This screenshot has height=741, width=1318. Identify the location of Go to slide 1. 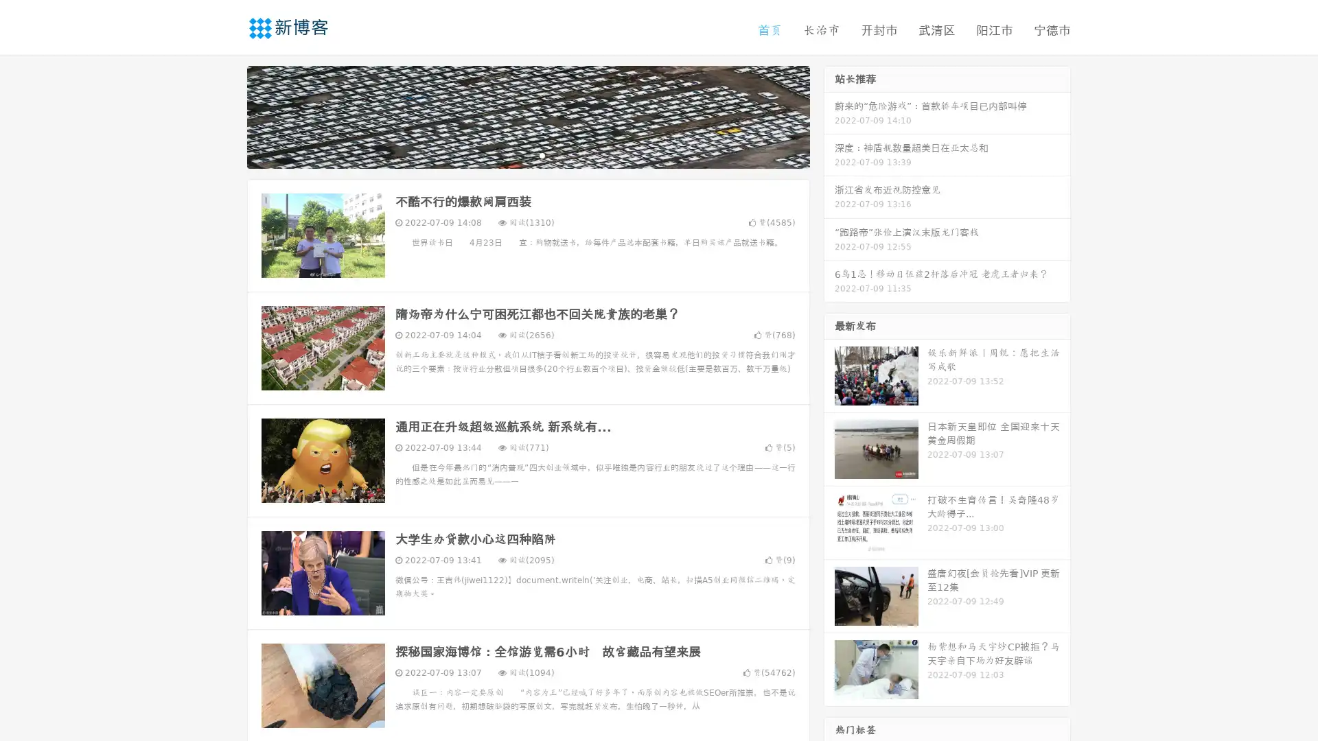
(513, 154).